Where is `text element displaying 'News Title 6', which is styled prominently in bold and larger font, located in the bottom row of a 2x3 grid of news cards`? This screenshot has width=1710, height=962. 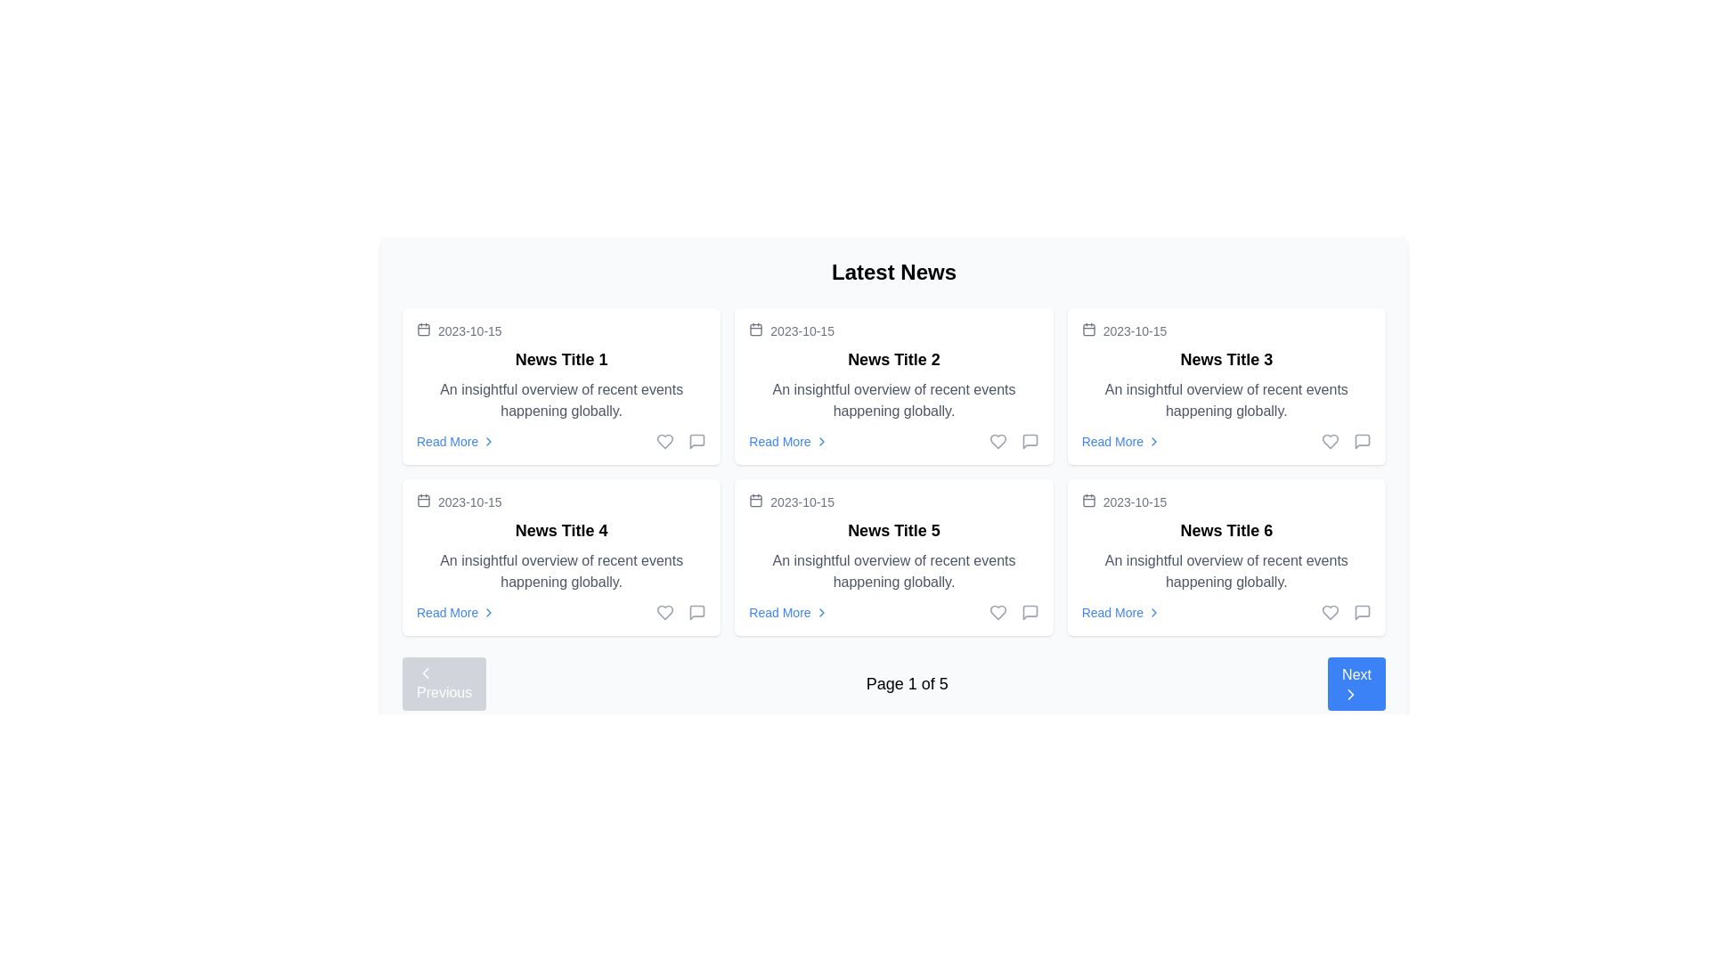 text element displaying 'News Title 6', which is styled prominently in bold and larger font, located in the bottom row of a 2x3 grid of news cards is located at coordinates (1225, 530).